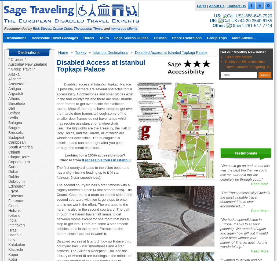 The height and width of the screenshot is (261, 277). Describe the element at coordinates (13, 117) in the screenshot. I see `'Berlin'` at that location.